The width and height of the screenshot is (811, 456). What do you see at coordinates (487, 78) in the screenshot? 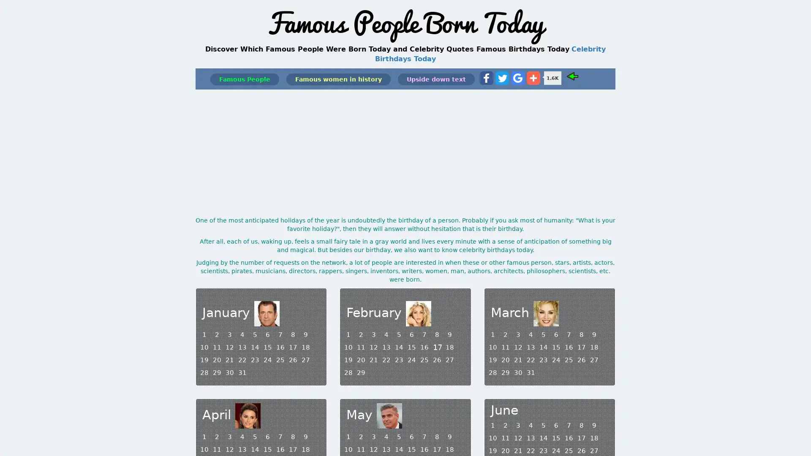
I see `Share to Facebook` at bounding box center [487, 78].